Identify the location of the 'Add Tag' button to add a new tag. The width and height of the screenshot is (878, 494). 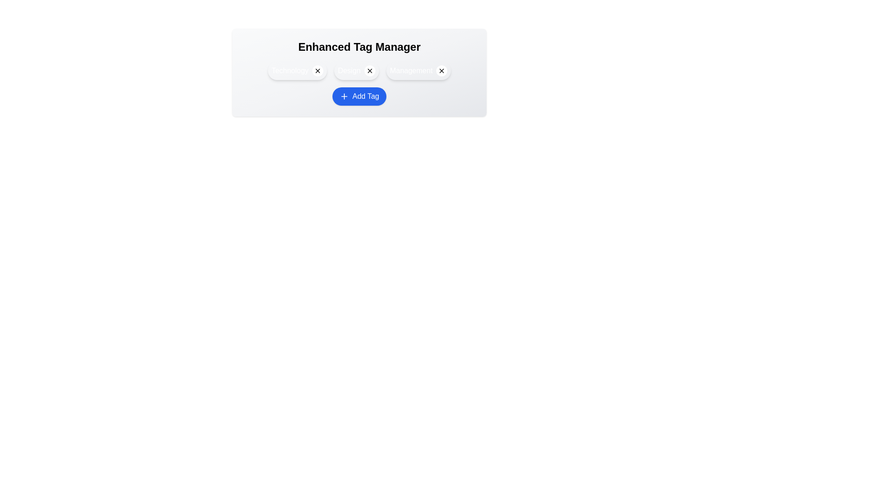
(359, 97).